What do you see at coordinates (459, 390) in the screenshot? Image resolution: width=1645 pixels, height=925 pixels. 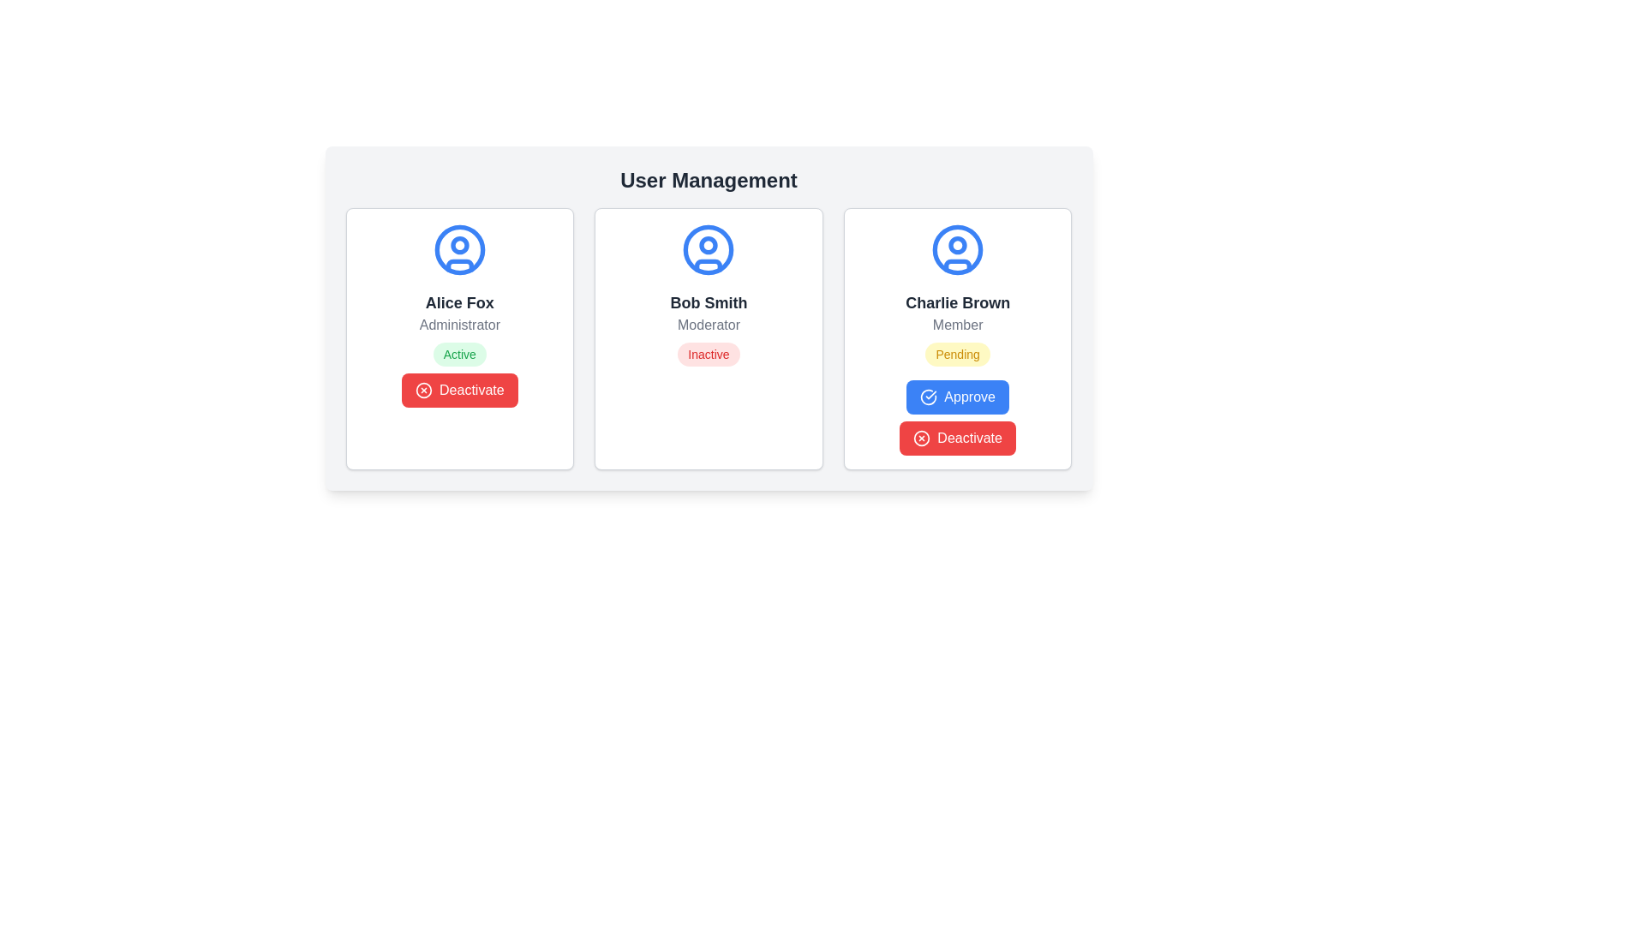 I see `the red 'Deactivate' button with white text and a circular 'X' icon` at bounding box center [459, 390].